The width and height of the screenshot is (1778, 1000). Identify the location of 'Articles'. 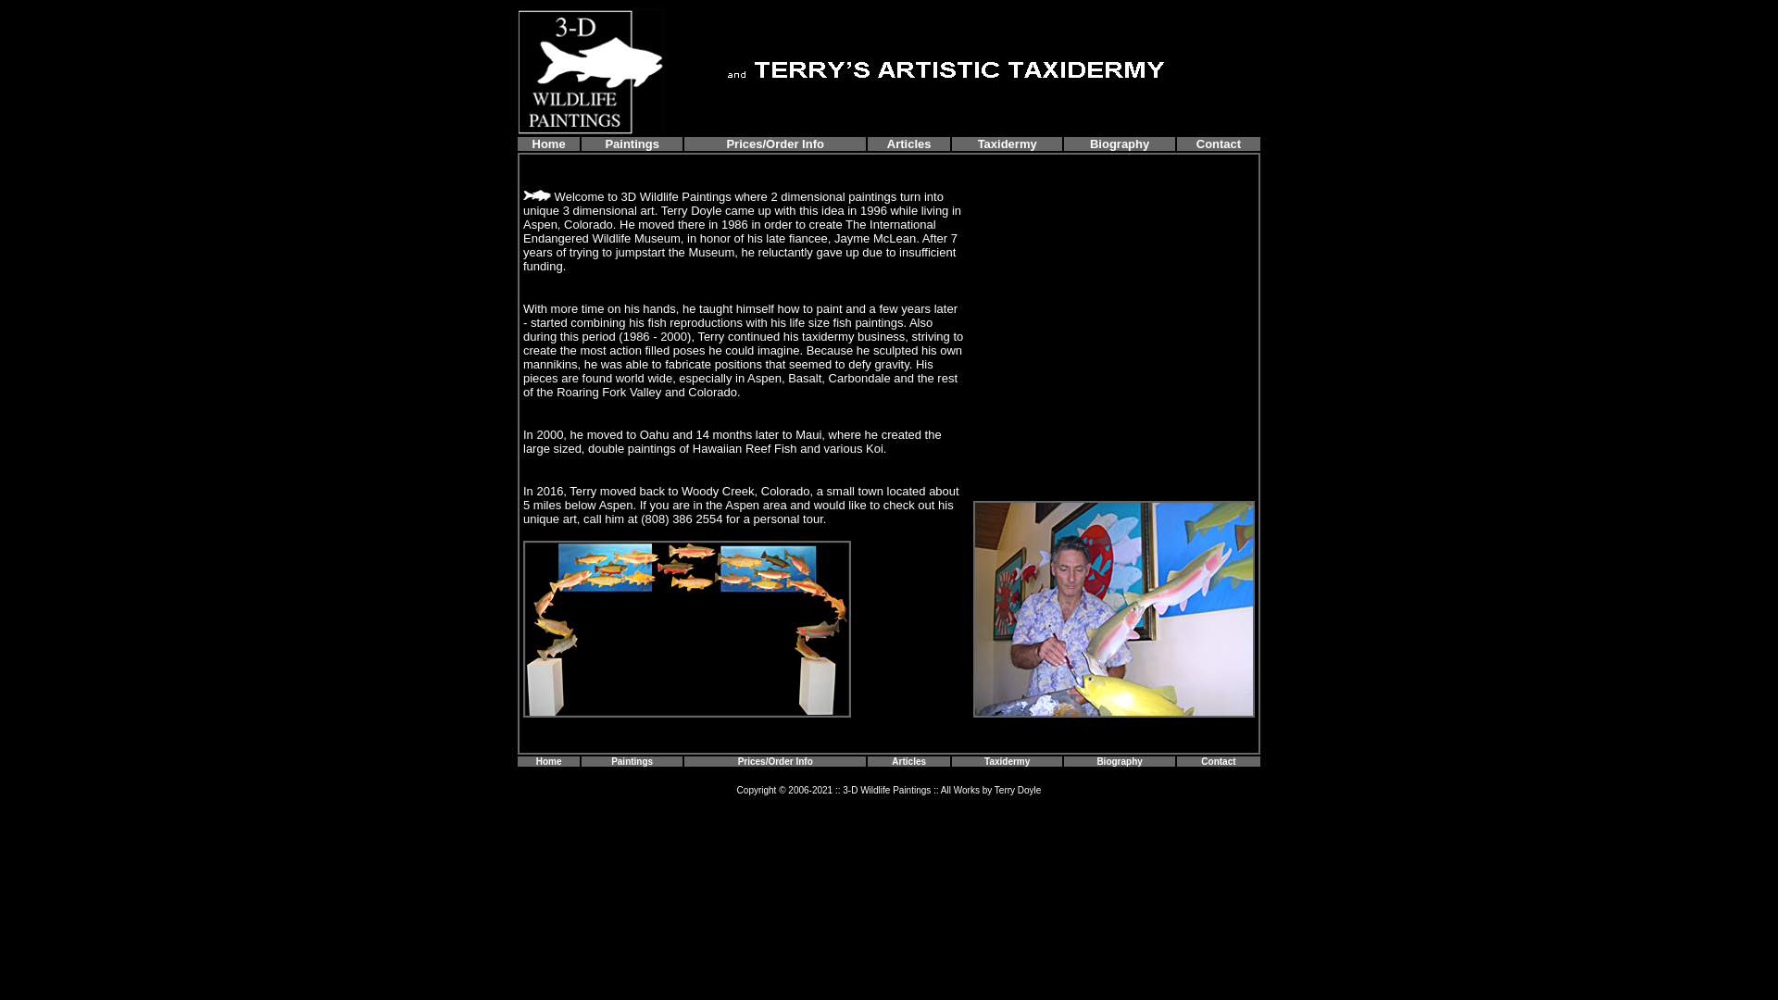
(886, 143).